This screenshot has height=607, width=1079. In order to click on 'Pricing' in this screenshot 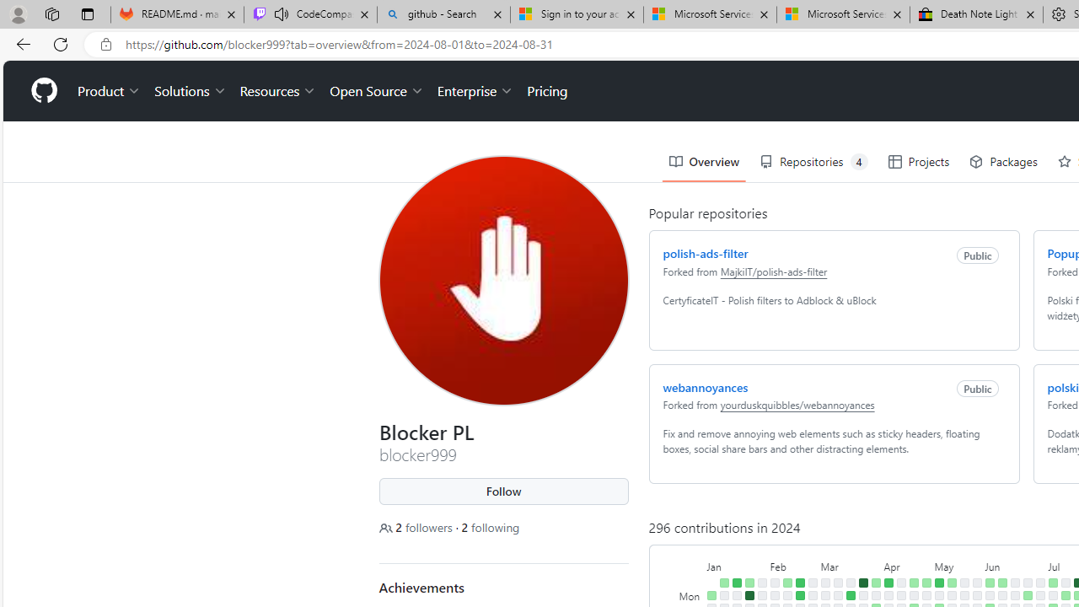, I will do `click(547, 91)`.